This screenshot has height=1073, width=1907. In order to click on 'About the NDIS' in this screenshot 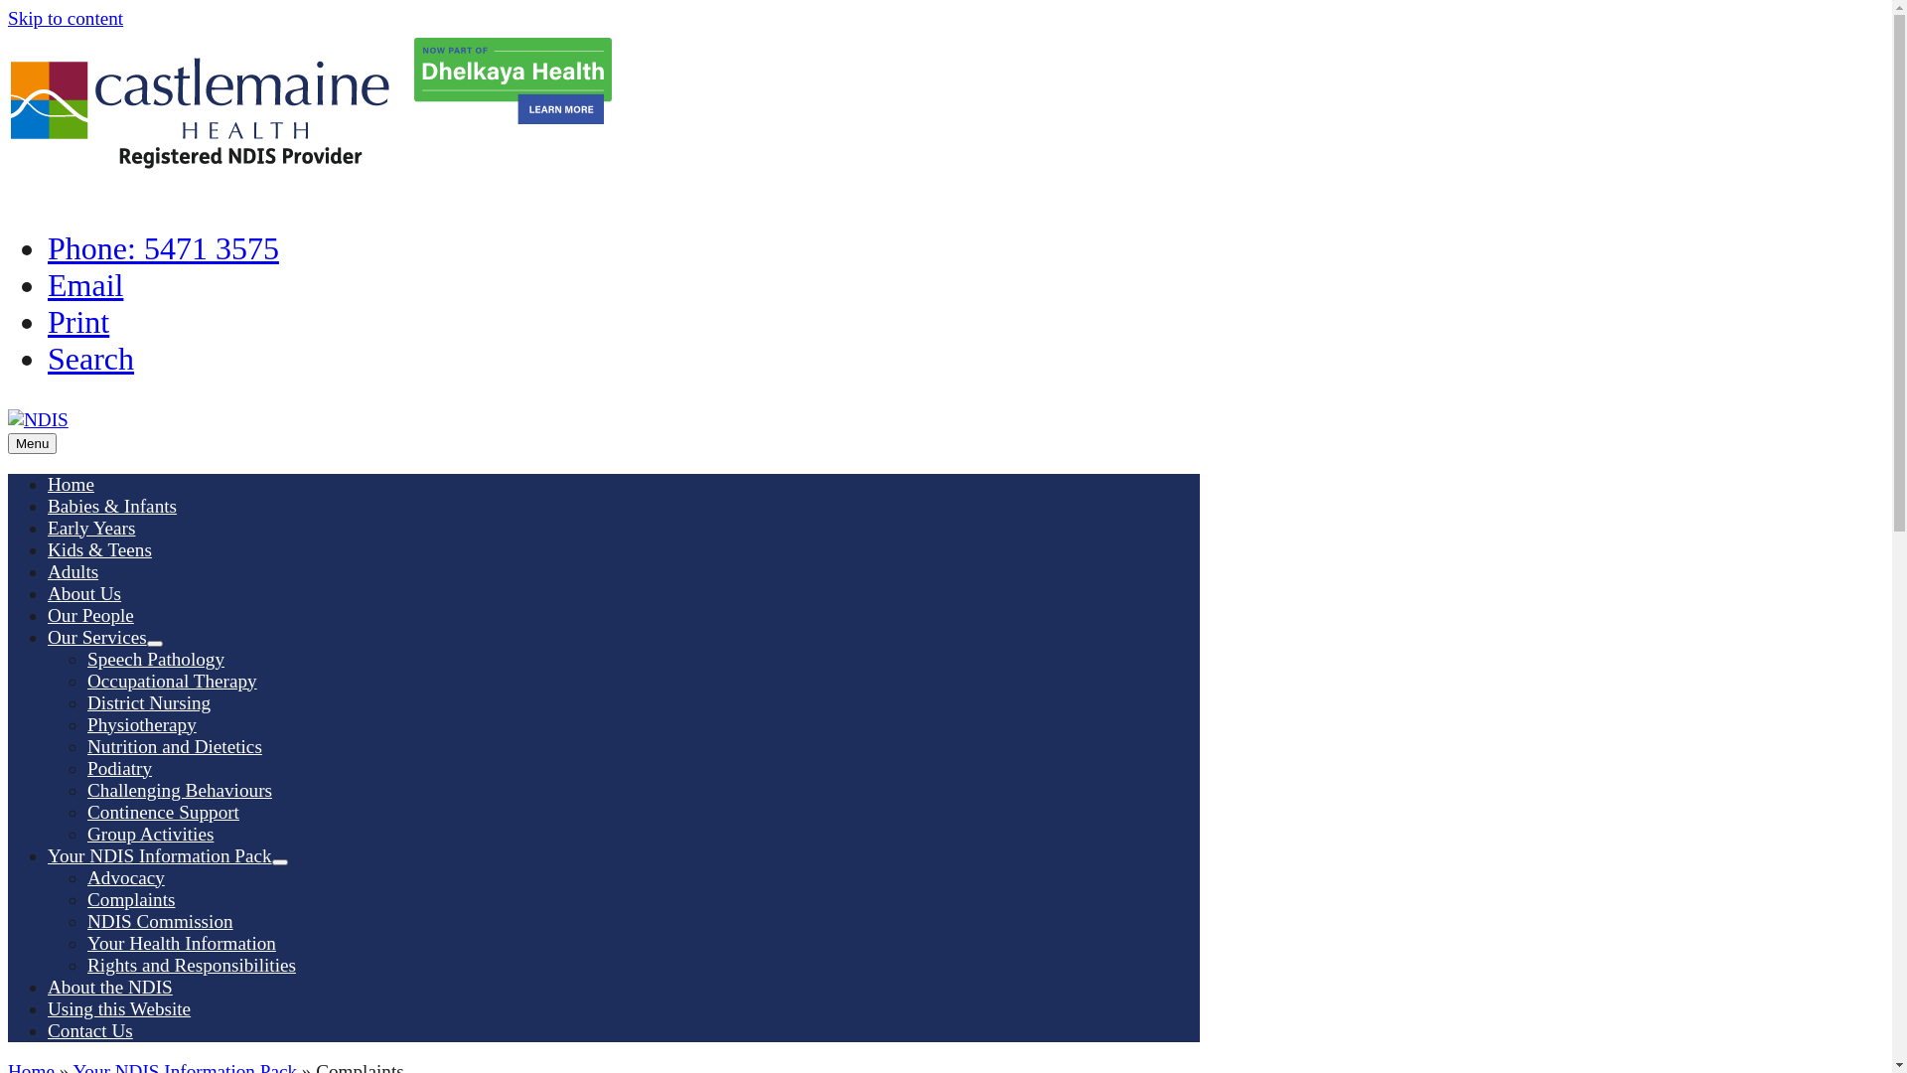, I will do `click(108, 987)`.